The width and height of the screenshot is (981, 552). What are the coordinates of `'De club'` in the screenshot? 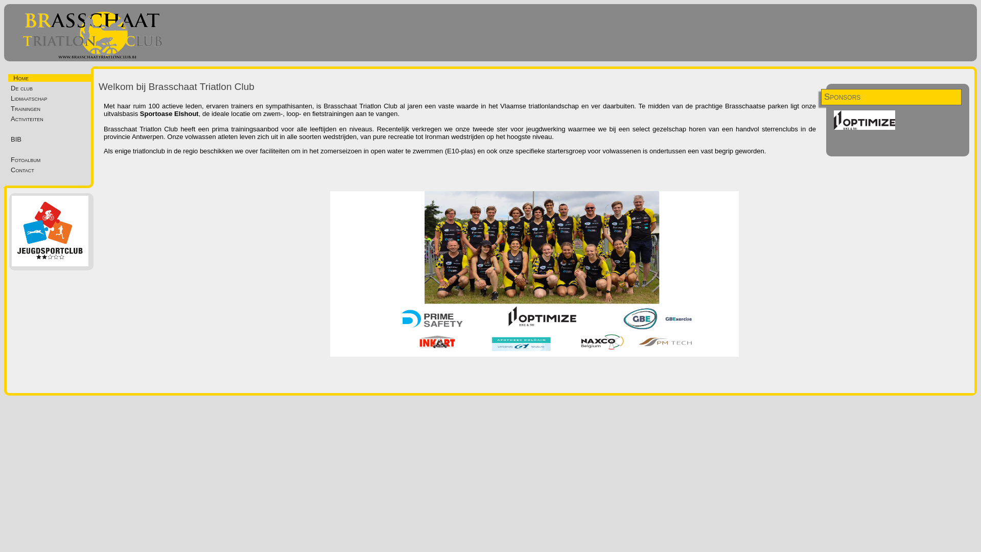 It's located at (52, 87).